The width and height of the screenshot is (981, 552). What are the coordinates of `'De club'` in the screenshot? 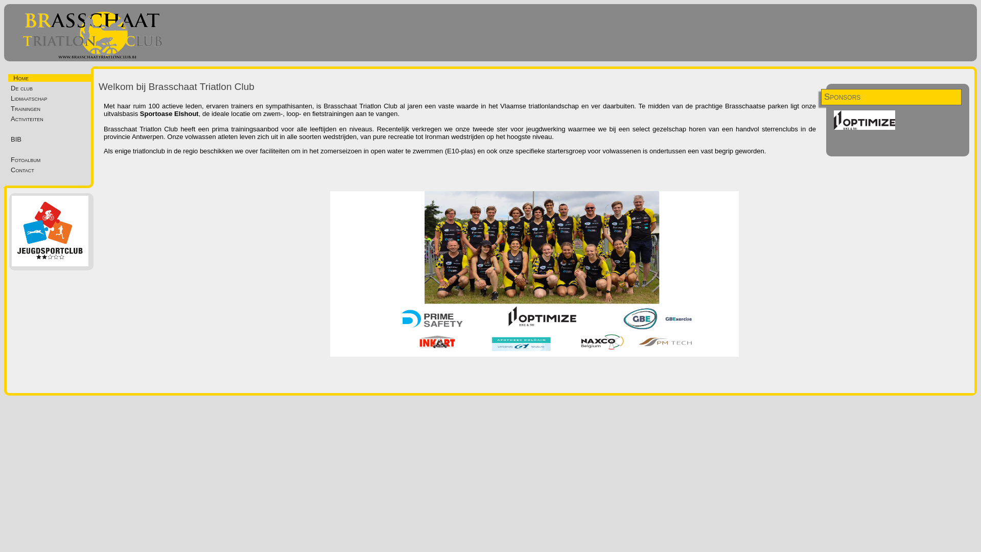 It's located at (52, 87).